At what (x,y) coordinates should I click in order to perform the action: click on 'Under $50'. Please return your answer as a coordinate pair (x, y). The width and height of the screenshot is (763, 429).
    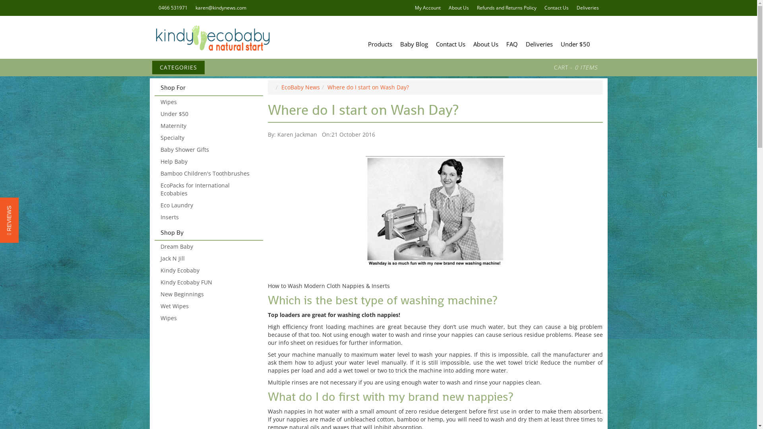
    Looking at the image, I should click on (556, 44).